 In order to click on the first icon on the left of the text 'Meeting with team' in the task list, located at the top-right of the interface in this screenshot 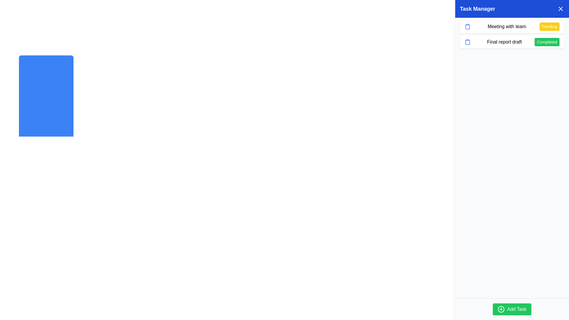, I will do `click(467, 26)`.